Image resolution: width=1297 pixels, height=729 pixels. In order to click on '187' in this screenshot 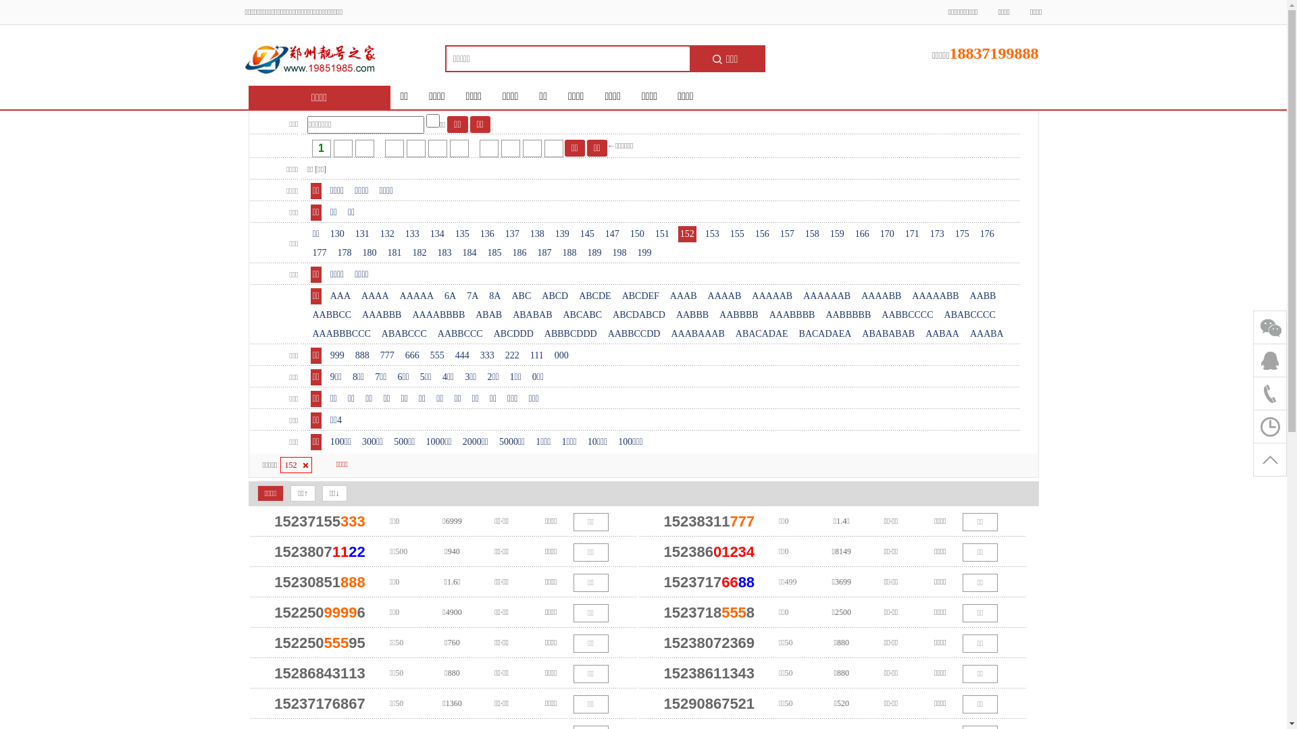, I will do `click(544, 252)`.